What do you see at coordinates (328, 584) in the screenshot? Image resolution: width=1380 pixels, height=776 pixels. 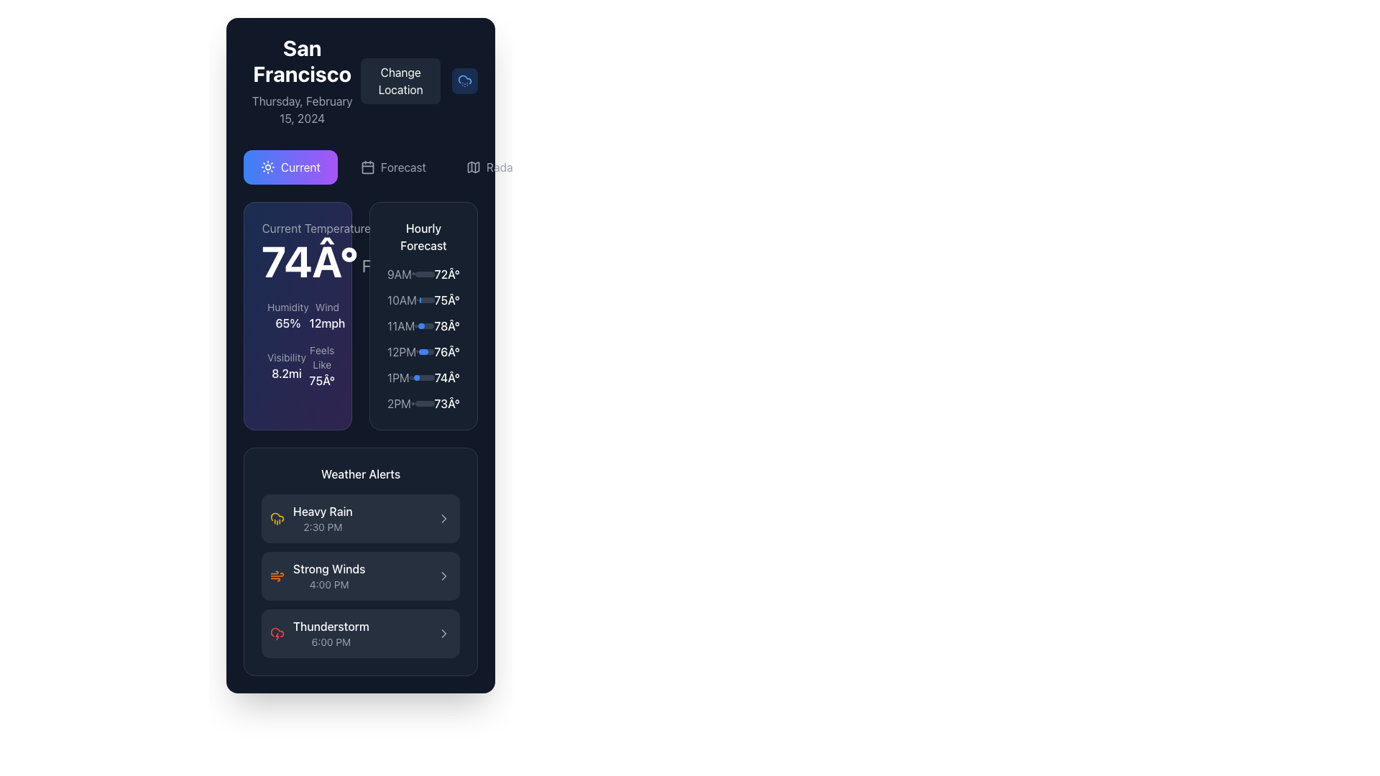 I see `the static text element displaying '4:00 PM' located below the 'Strong Winds' label in the weather alerts section` at bounding box center [328, 584].